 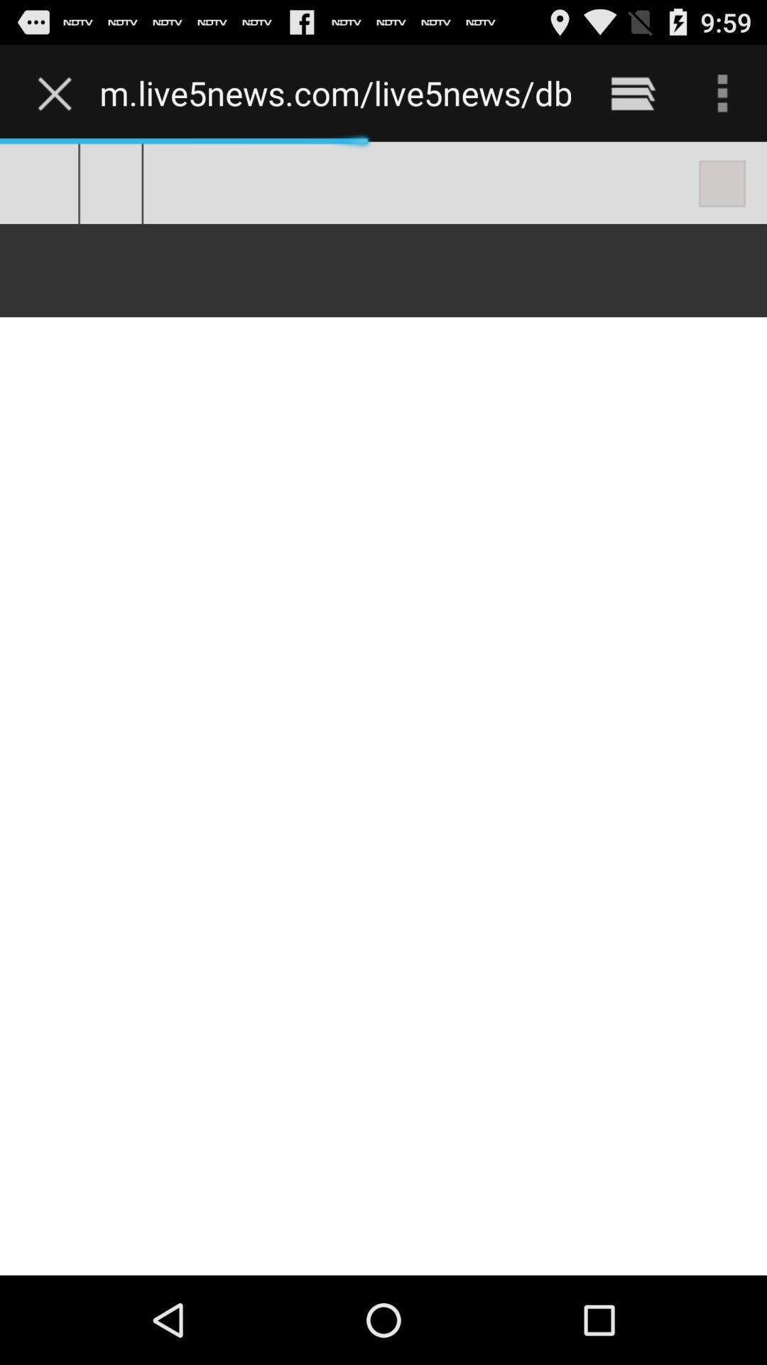 I want to click on m live5news com, so click(x=335, y=92).